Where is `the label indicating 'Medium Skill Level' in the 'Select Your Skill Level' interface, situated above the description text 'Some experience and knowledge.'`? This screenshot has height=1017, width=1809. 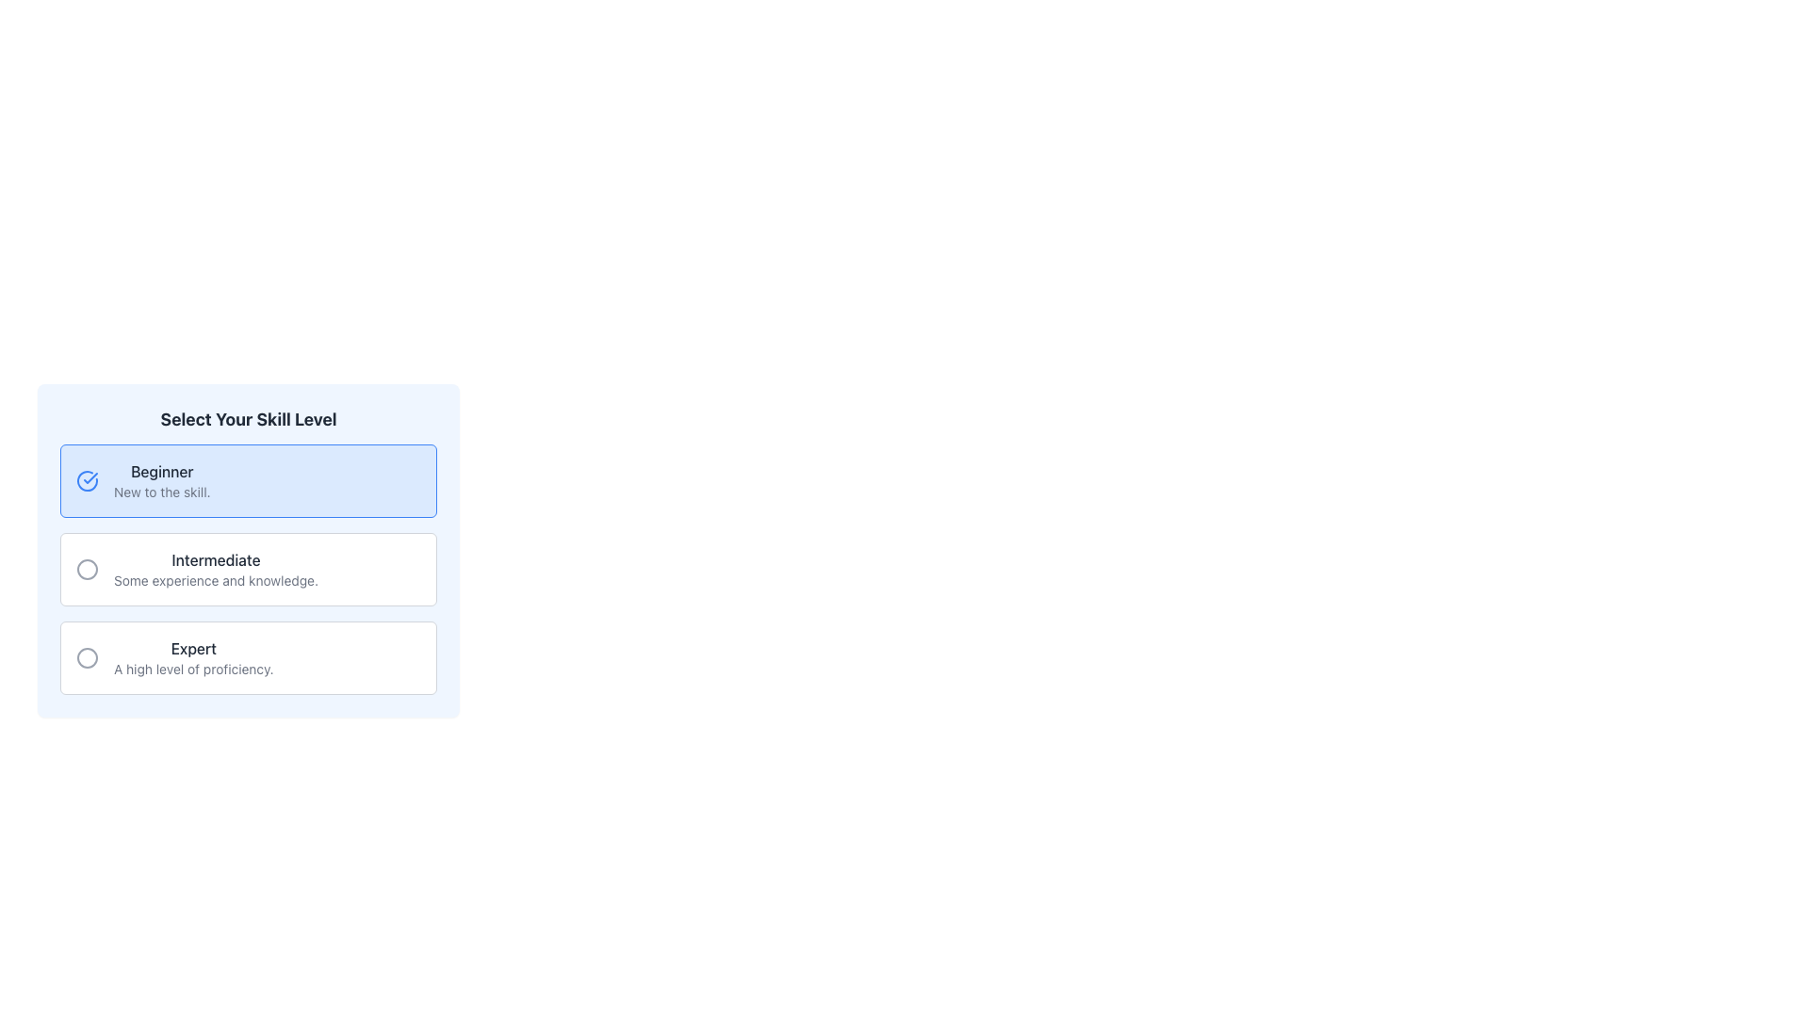 the label indicating 'Medium Skill Level' in the 'Select Your Skill Level' interface, situated above the description text 'Some experience and knowledge.' is located at coordinates (216, 558).